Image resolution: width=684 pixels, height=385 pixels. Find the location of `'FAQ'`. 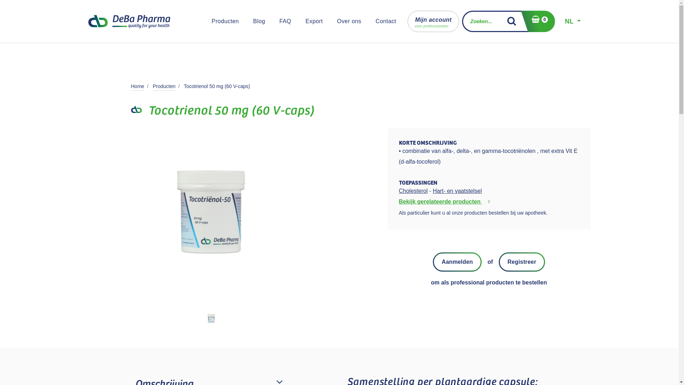

'FAQ' is located at coordinates (285, 21).